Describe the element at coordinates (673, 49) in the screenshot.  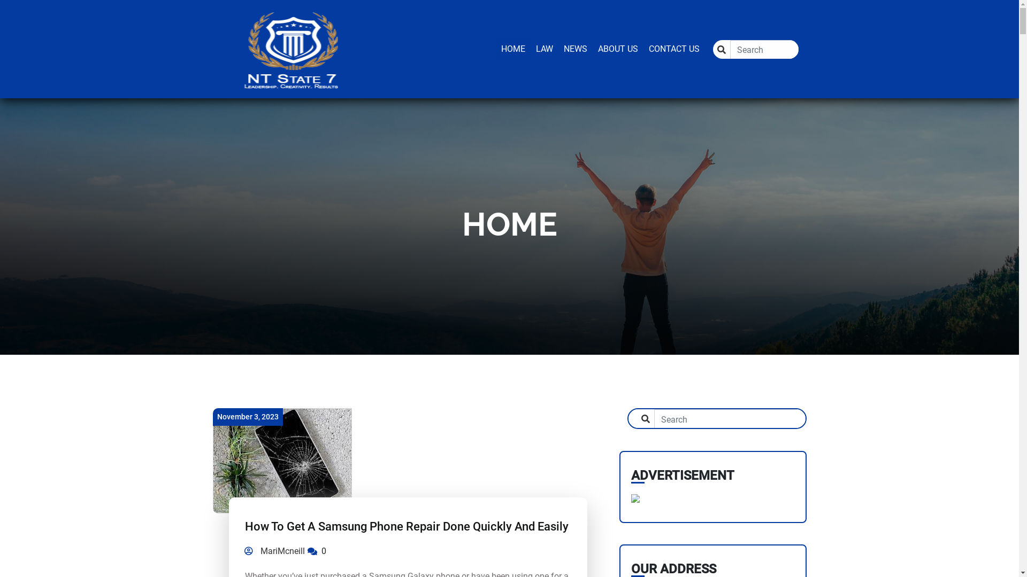
I see `'CONTACT US'` at that location.